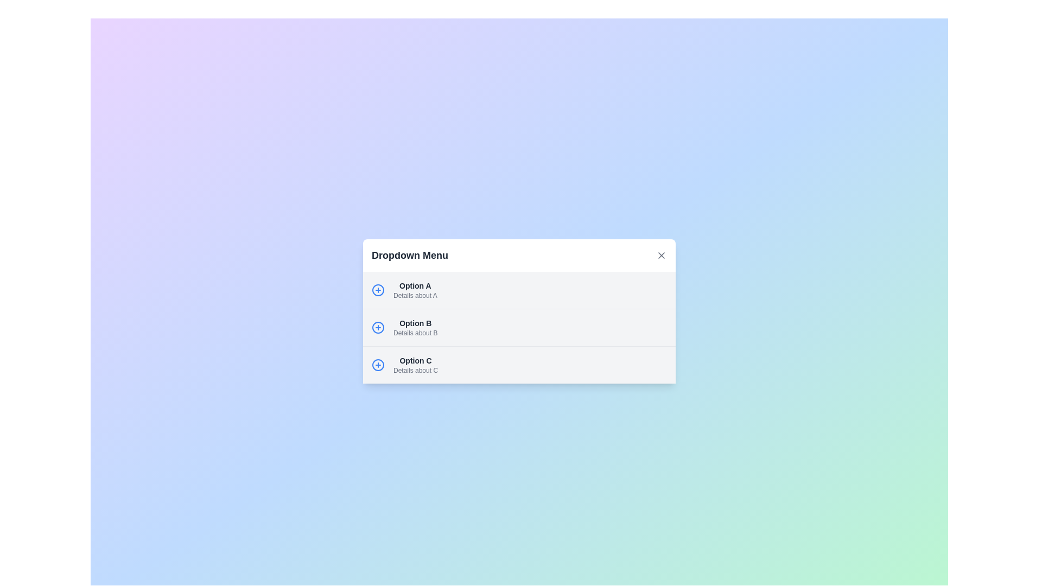 The height and width of the screenshot is (586, 1042). I want to click on the text label displaying 'Details about C', which is styled in light gray and located below 'Option C' within the dropdown menu interface, so click(415, 370).